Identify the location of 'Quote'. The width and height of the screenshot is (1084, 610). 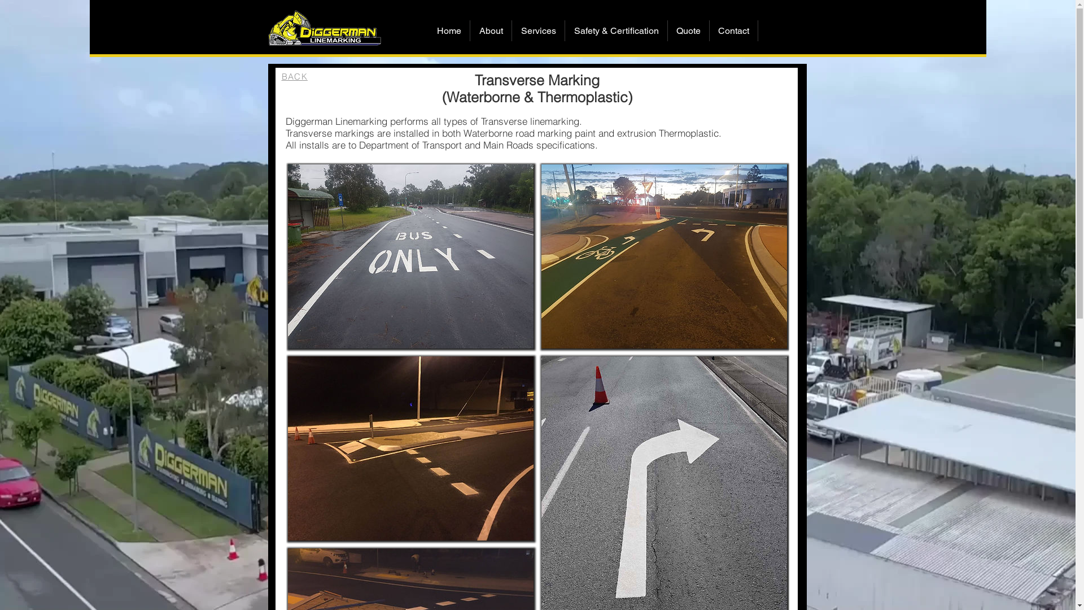
(688, 30).